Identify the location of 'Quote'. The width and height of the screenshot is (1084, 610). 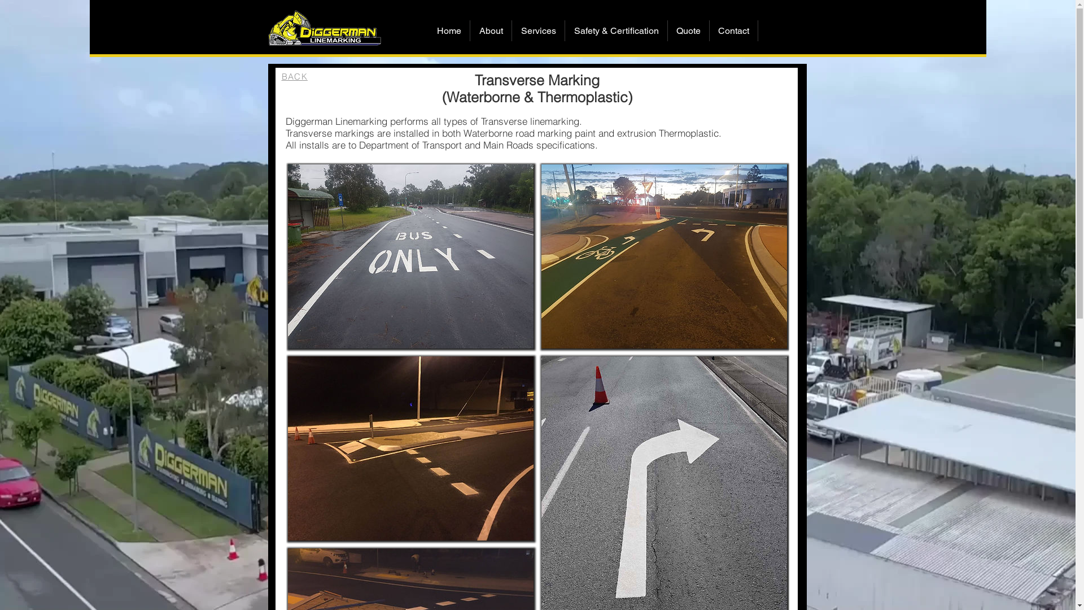
(688, 30).